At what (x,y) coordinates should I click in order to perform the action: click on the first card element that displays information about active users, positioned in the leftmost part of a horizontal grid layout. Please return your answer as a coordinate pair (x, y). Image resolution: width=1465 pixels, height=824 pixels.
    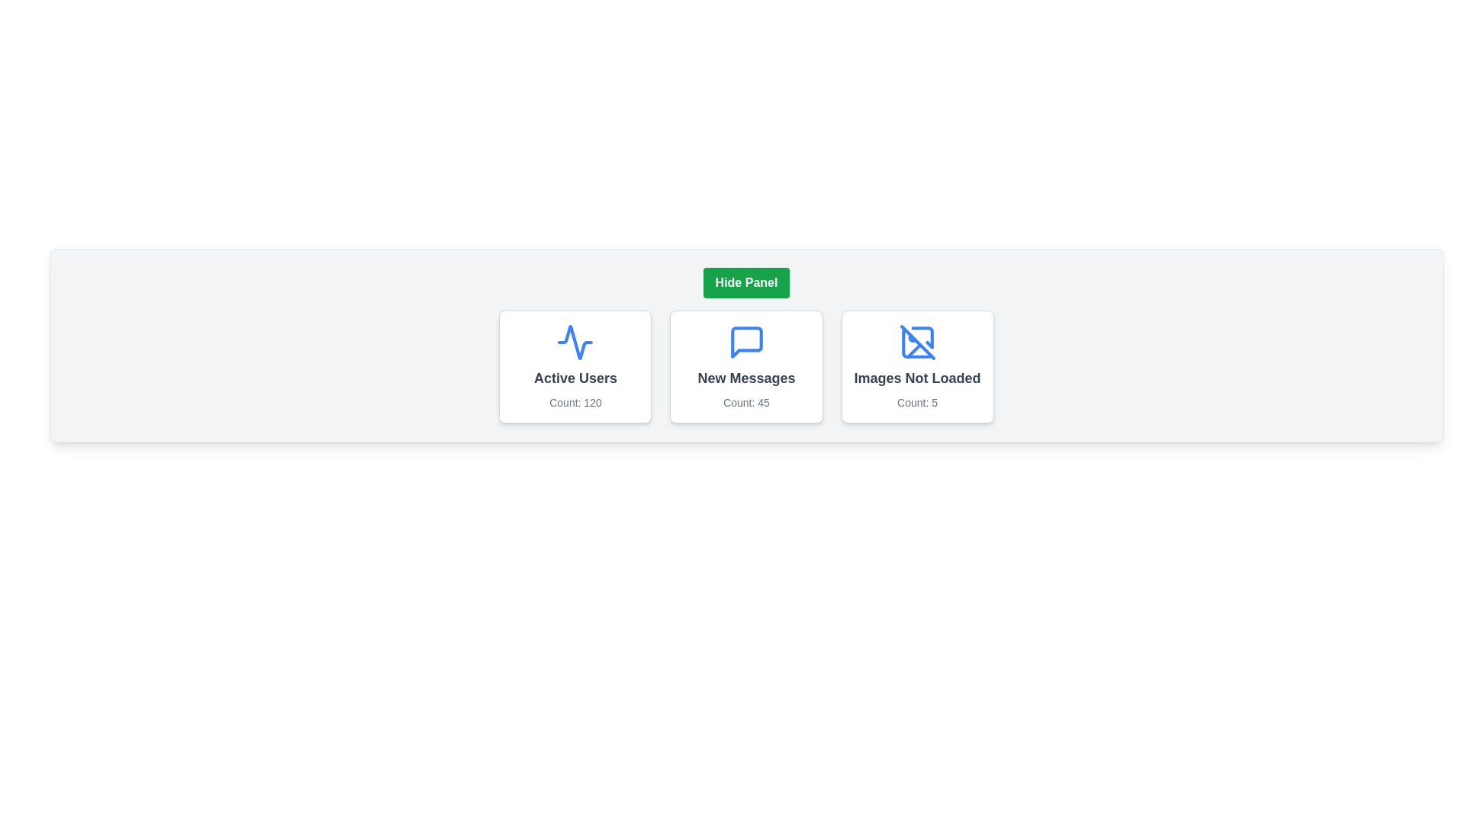
    Looking at the image, I should click on (575, 367).